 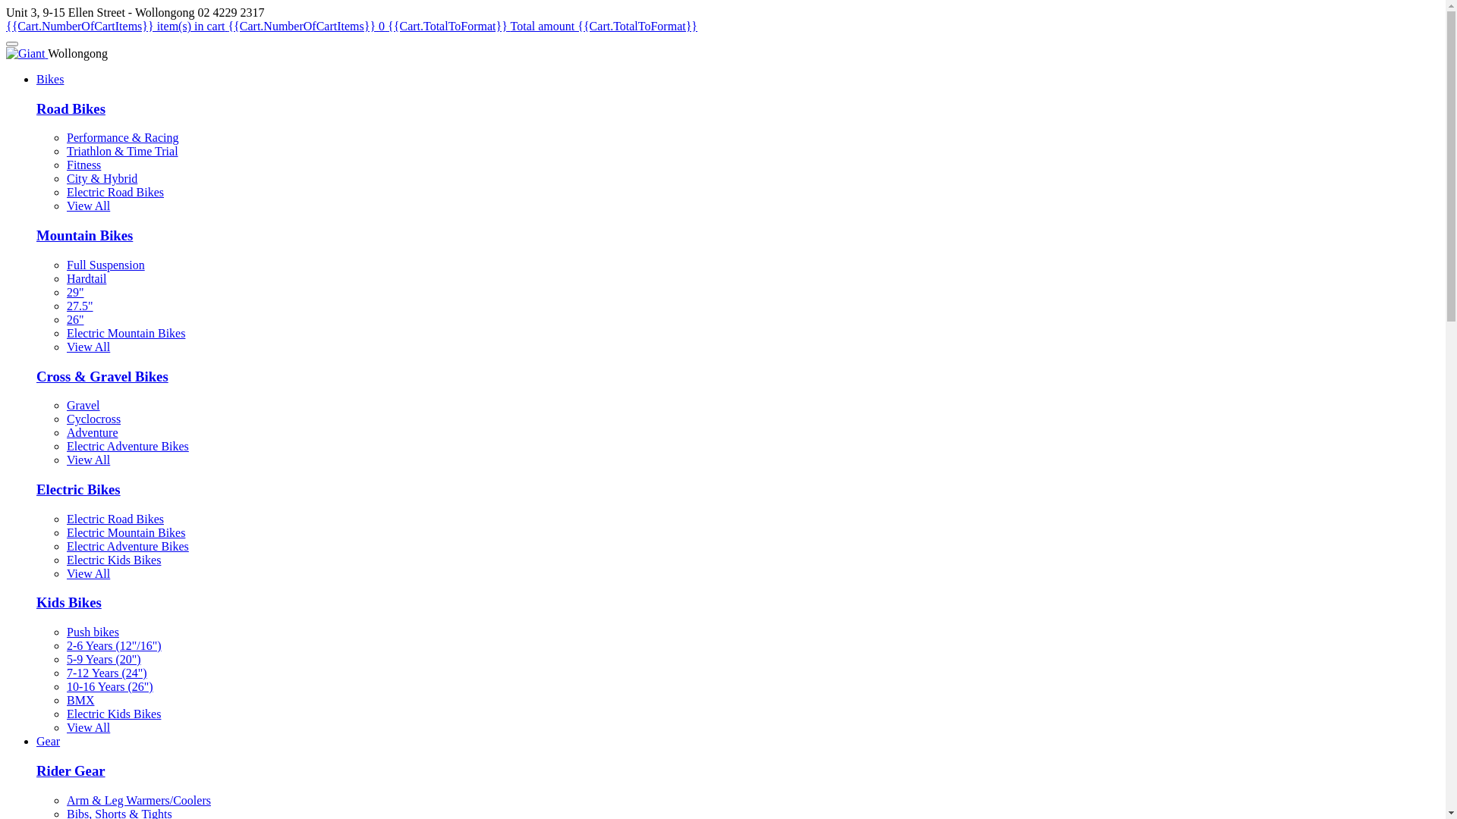 I want to click on 'Push bikes', so click(x=92, y=632).